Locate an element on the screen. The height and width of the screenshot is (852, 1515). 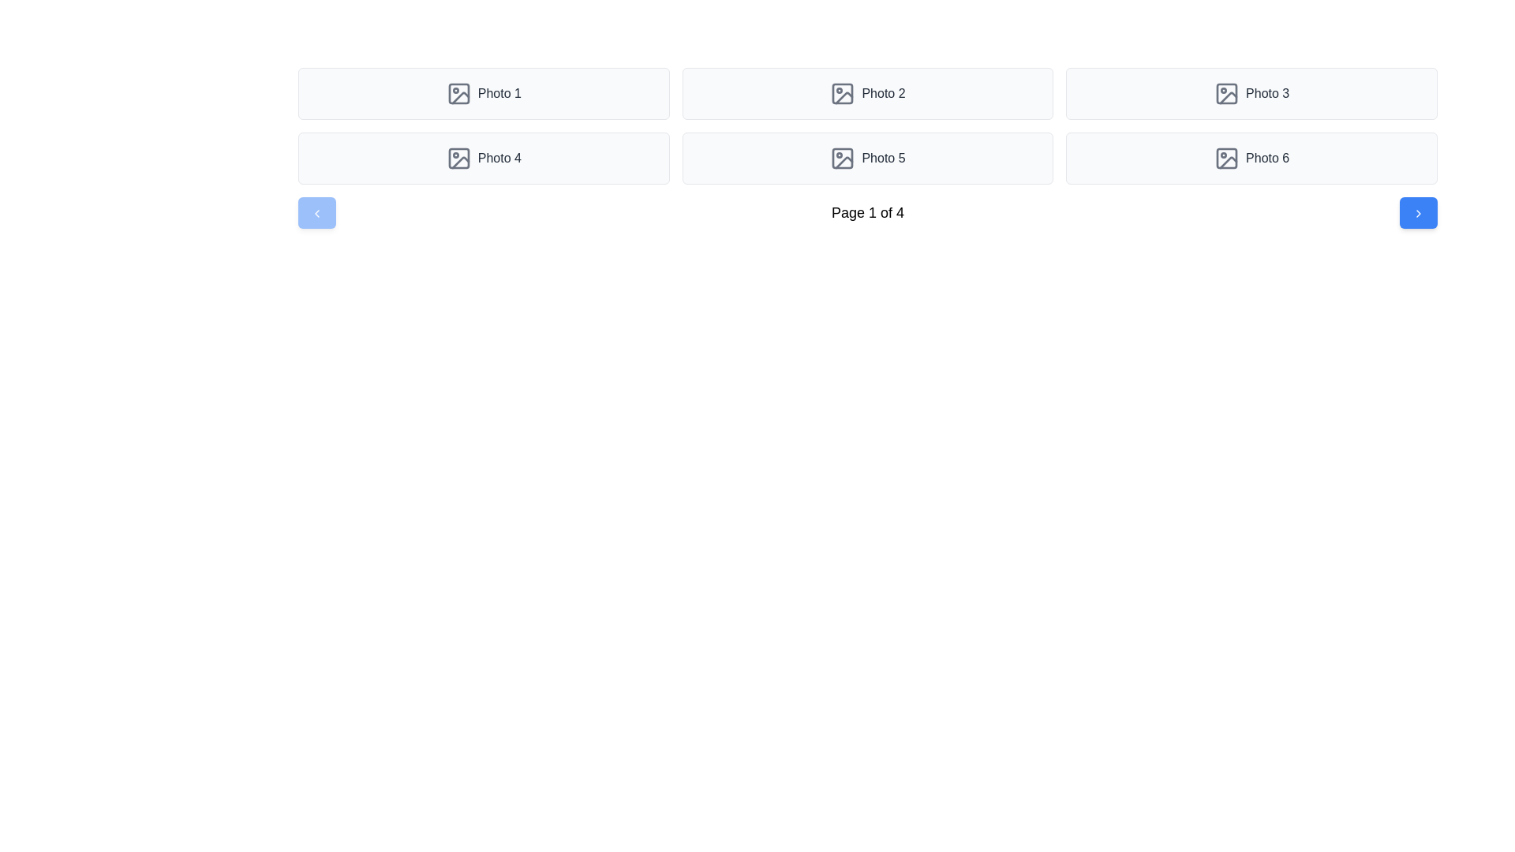
the selectable tile labeled 'Photo 6' located in the bottom row of the grid layout is located at coordinates (1251, 158).